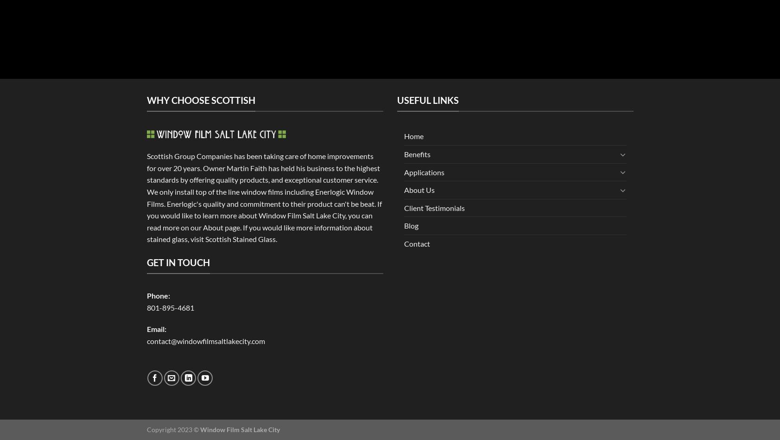  Describe the element at coordinates (413, 135) in the screenshot. I see `'Home'` at that location.